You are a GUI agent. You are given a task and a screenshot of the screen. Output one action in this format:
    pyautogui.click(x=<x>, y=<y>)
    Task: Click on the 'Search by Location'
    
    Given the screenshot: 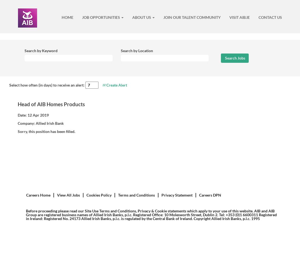 What is the action you would take?
    pyautogui.click(x=137, y=51)
    